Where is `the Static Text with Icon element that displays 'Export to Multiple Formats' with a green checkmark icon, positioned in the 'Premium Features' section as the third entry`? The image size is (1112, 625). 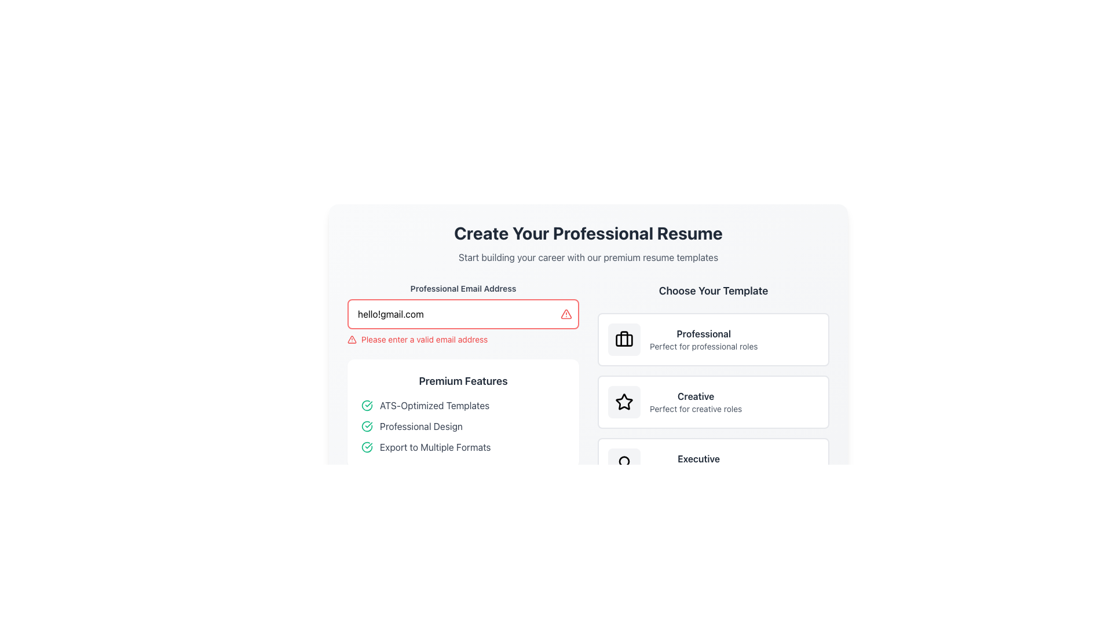
the Static Text with Icon element that displays 'Export to Multiple Formats' with a green checkmark icon, positioned in the 'Premium Features' section as the third entry is located at coordinates (463, 446).